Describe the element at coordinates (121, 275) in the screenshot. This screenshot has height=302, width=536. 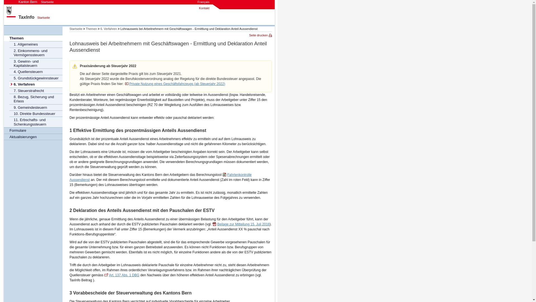
I see `'Art. 137 Abs. 1 DBG'` at that location.